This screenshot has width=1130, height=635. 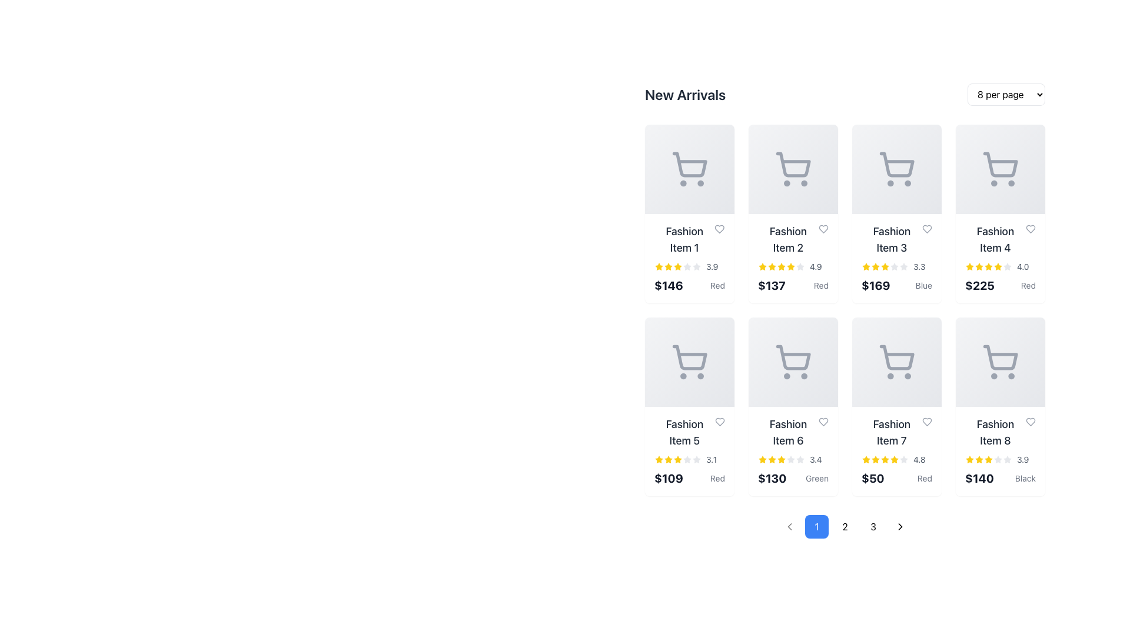 I want to click on the third yellow star icon in the rating section for 'Fashion Item 8' to change the rating, so click(x=979, y=459).